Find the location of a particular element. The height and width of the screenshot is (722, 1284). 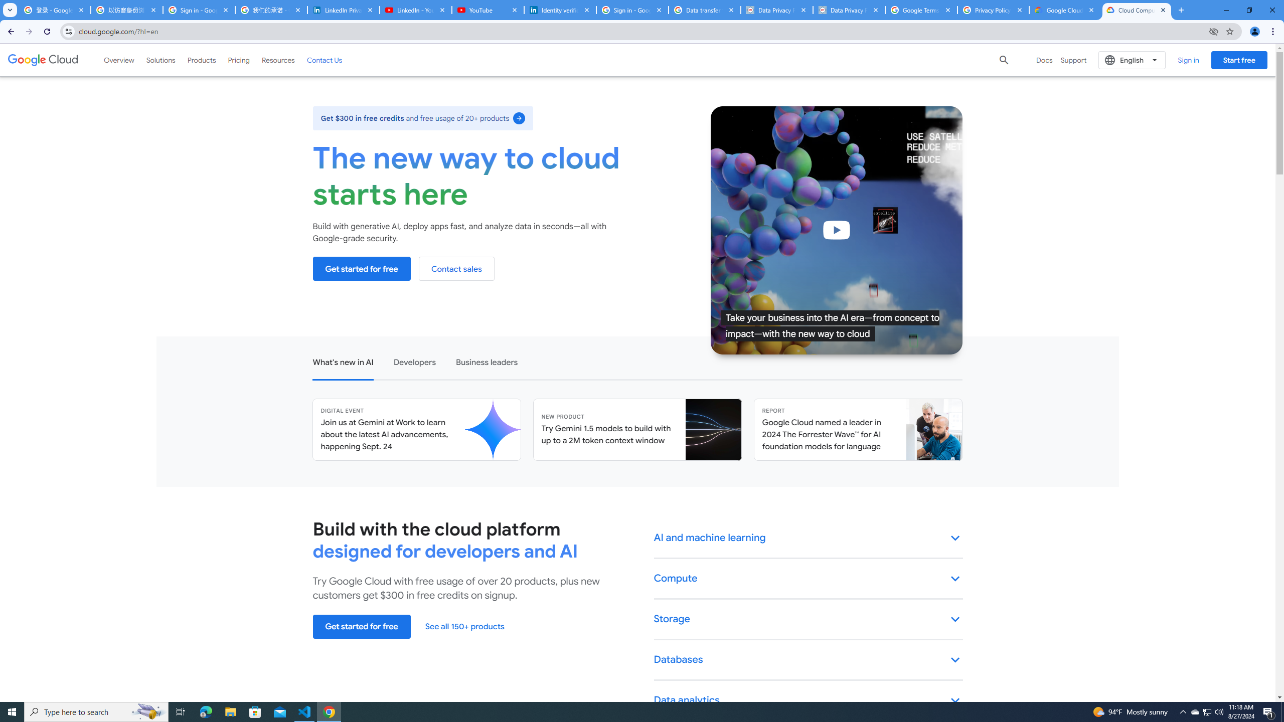

'Cloud Computing Services | Google Cloud' is located at coordinates (1137, 10).